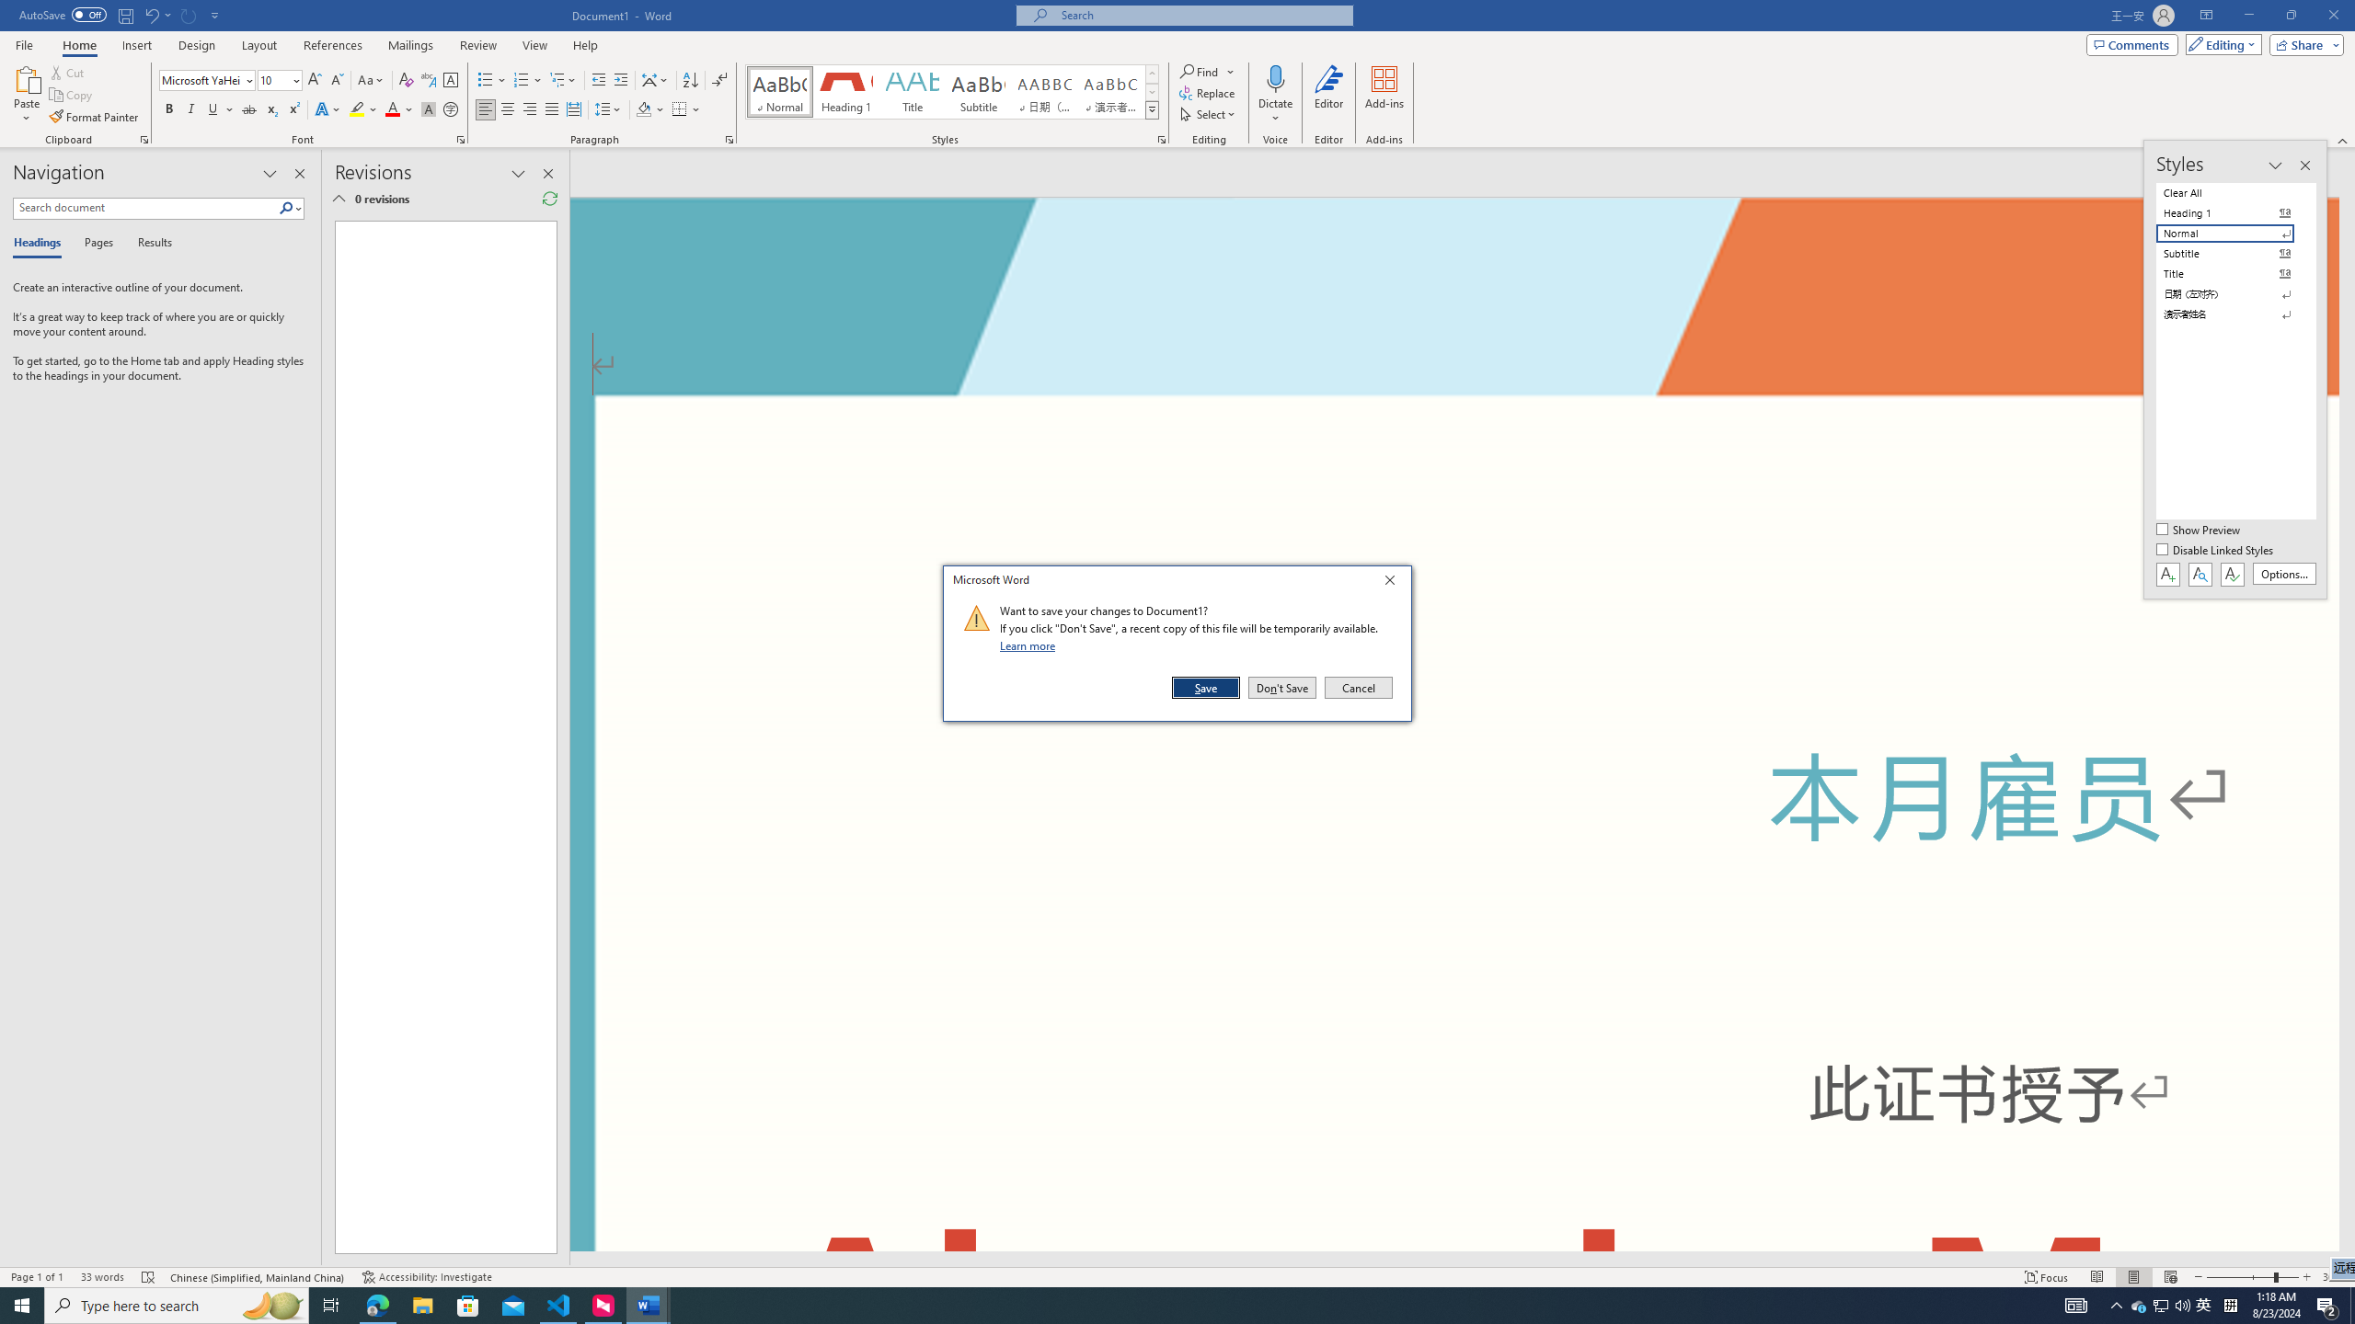 The image size is (2355, 1324). Describe the element at coordinates (2327, 1304) in the screenshot. I see `'Action Center, 2 new notifications'` at that location.